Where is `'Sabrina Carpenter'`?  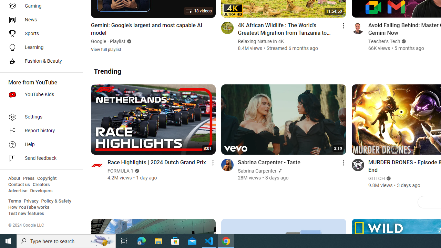 'Sabrina Carpenter' is located at coordinates (257, 170).